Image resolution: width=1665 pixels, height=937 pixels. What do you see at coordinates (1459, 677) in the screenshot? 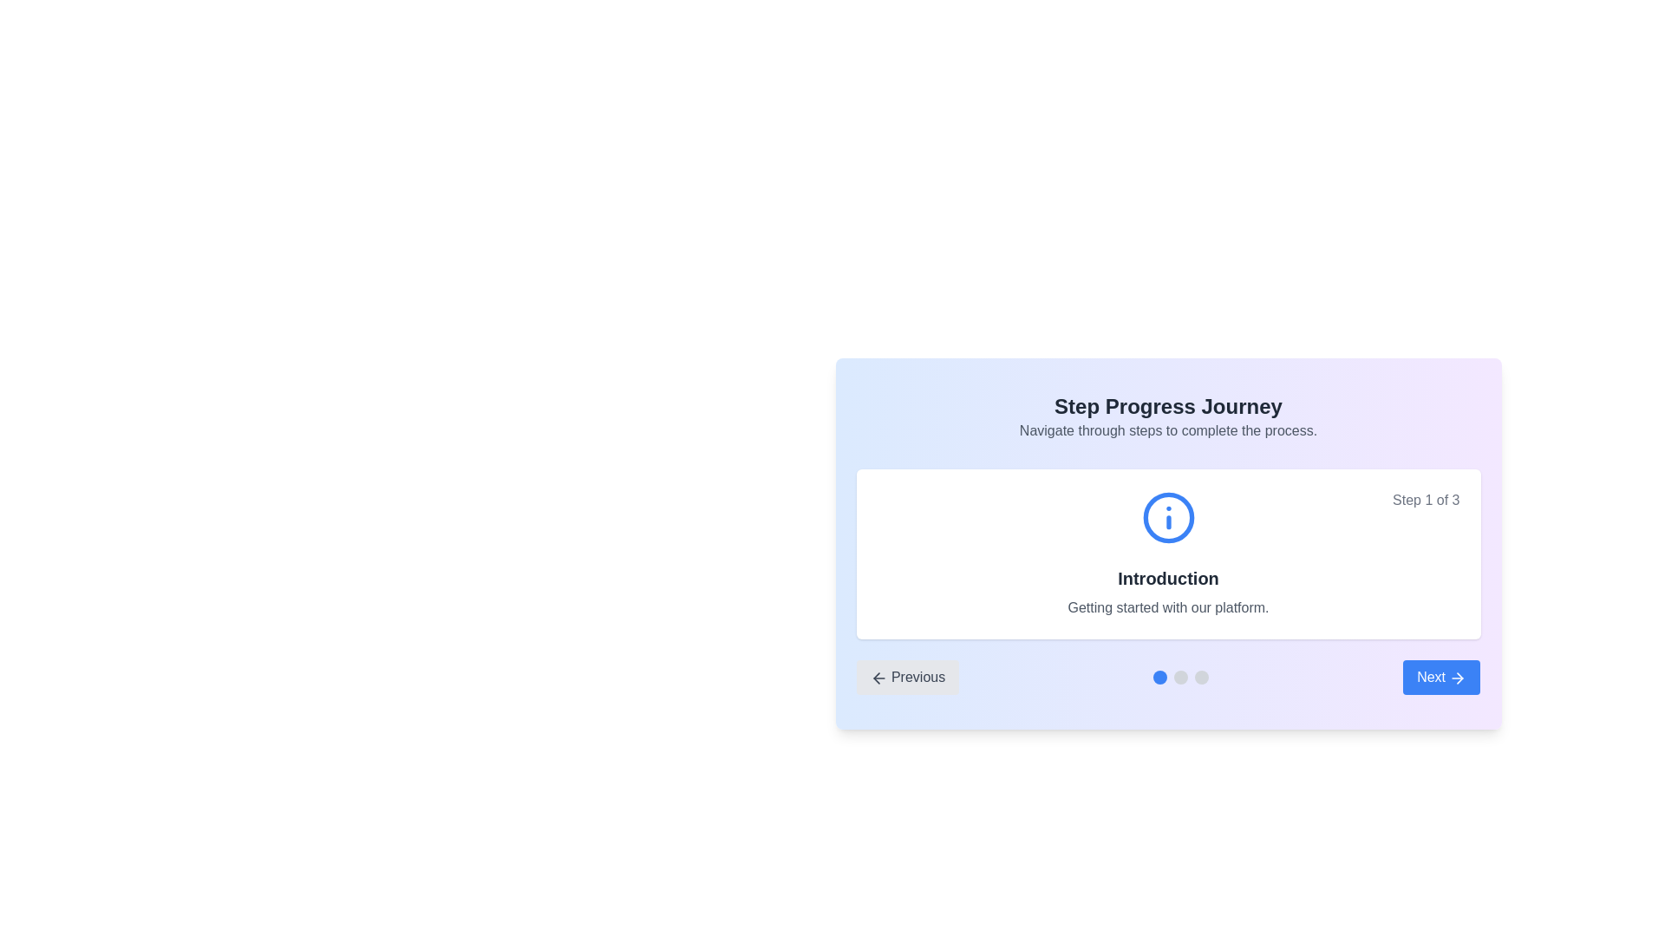
I see `the icon located within the 'Next' button in the bottom-right corner of the step-progress interface, which serves as a visual indicator for the next step in the navigation sequence` at bounding box center [1459, 677].